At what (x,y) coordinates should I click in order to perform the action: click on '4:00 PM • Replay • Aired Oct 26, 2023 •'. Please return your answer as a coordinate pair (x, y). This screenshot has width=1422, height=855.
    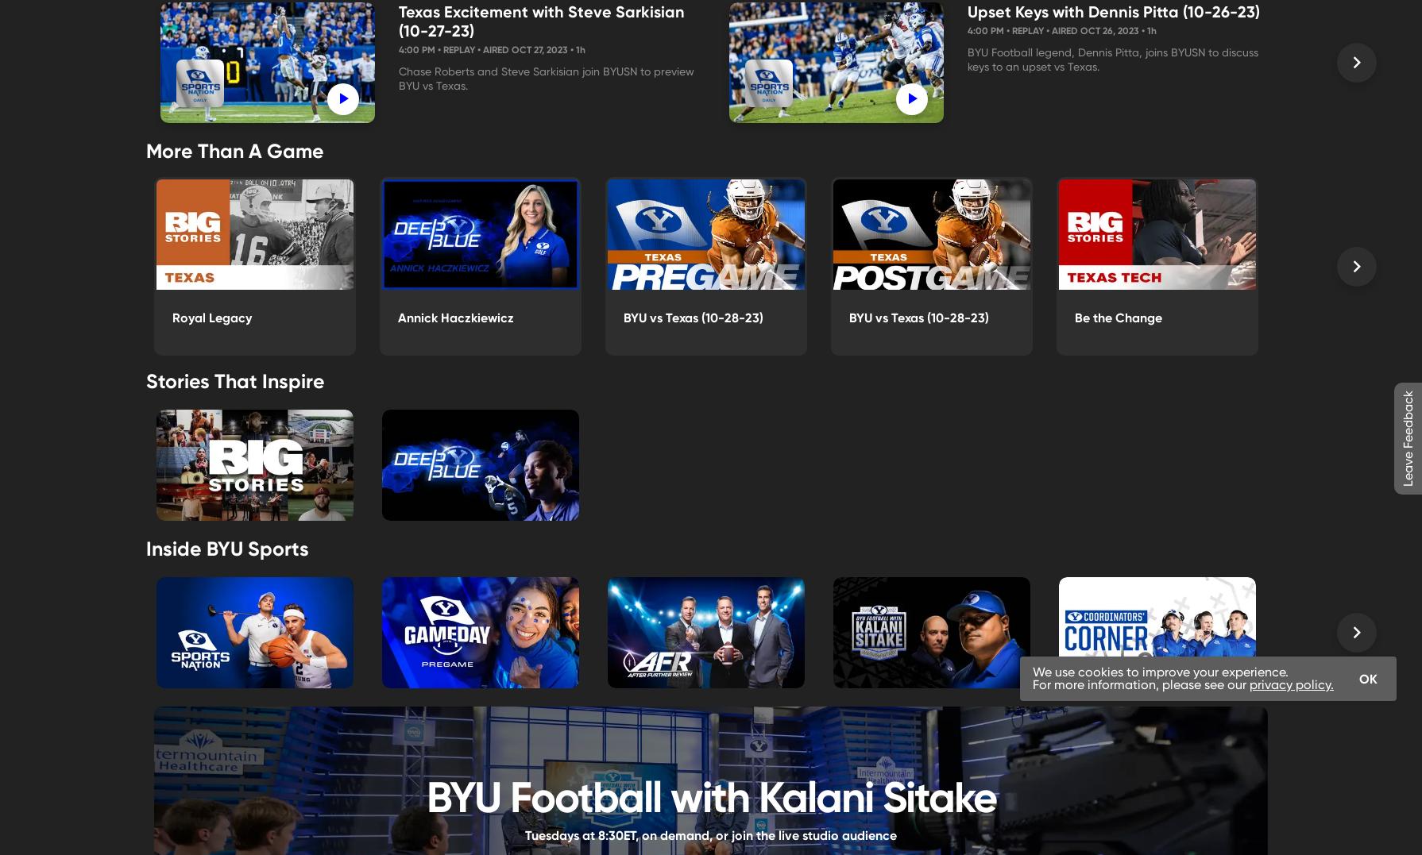
    Looking at the image, I should click on (1057, 29).